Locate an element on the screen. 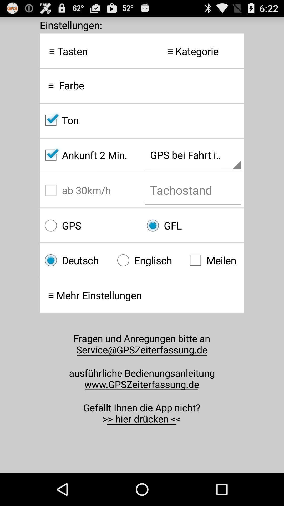  the icon below the gfl item is located at coordinates (214, 260).